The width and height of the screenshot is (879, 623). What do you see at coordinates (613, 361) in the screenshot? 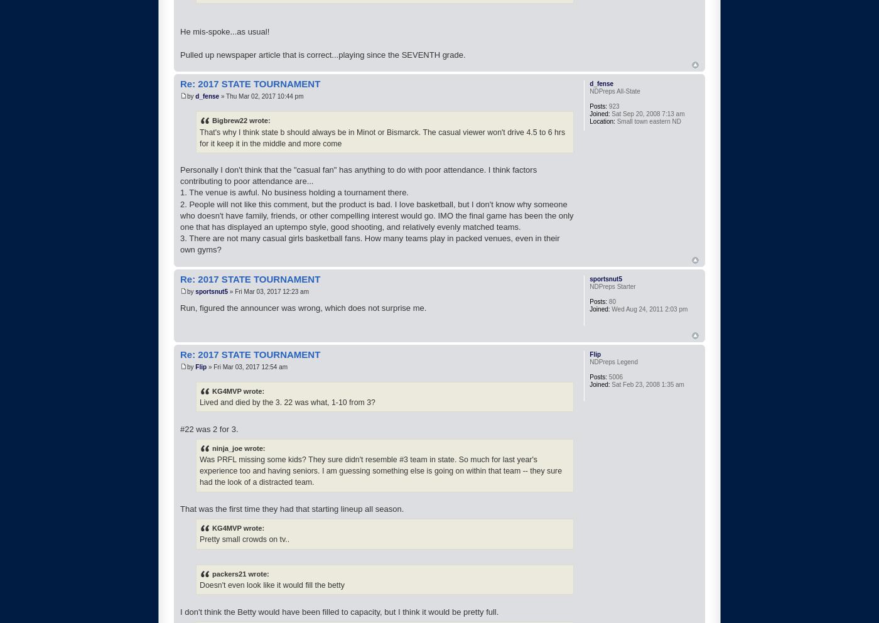
I see `'NDPreps Legend'` at bounding box center [613, 361].